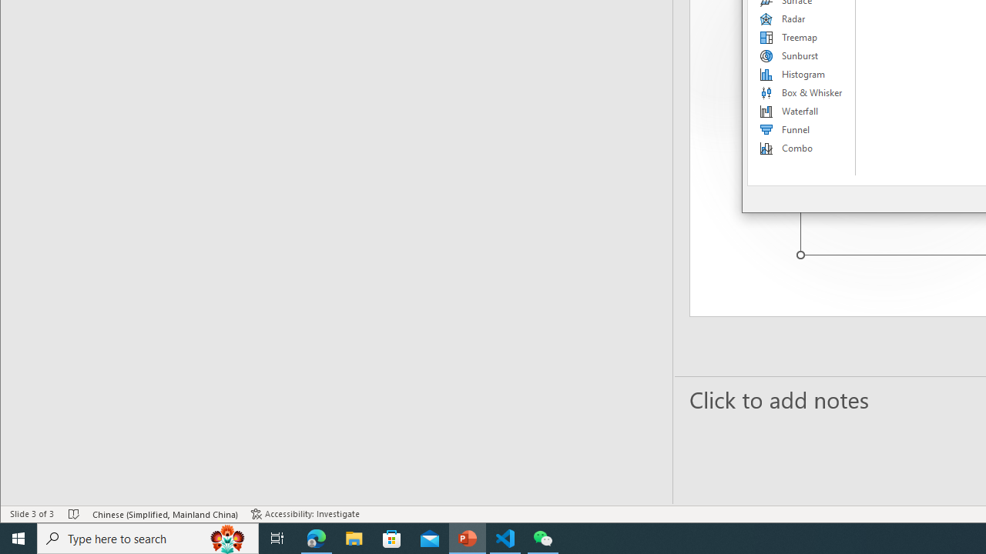 This screenshot has height=554, width=986. Describe the element at coordinates (801, 74) in the screenshot. I see `'Histogram'` at that location.